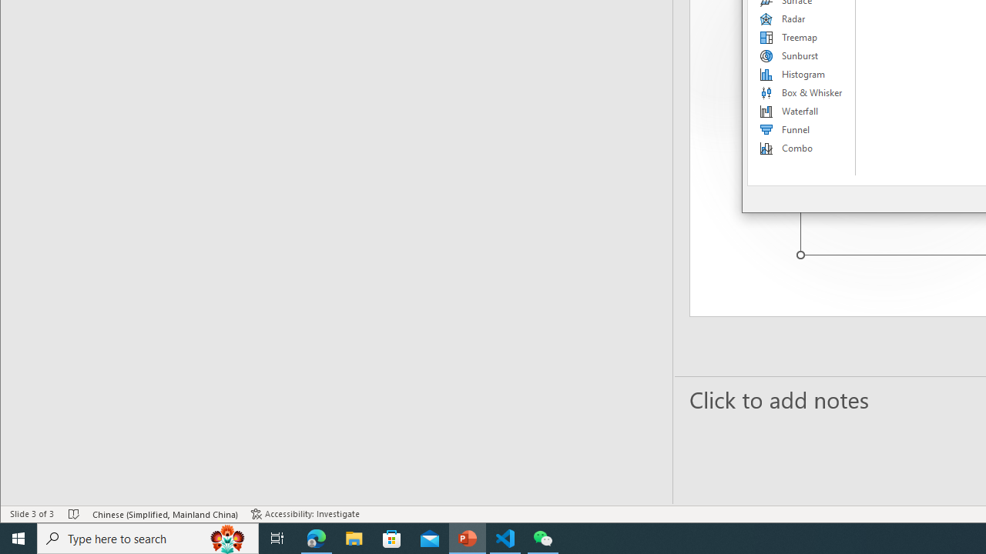 This screenshot has height=554, width=986. Describe the element at coordinates (801, 74) in the screenshot. I see `'Histogram'` at that location.